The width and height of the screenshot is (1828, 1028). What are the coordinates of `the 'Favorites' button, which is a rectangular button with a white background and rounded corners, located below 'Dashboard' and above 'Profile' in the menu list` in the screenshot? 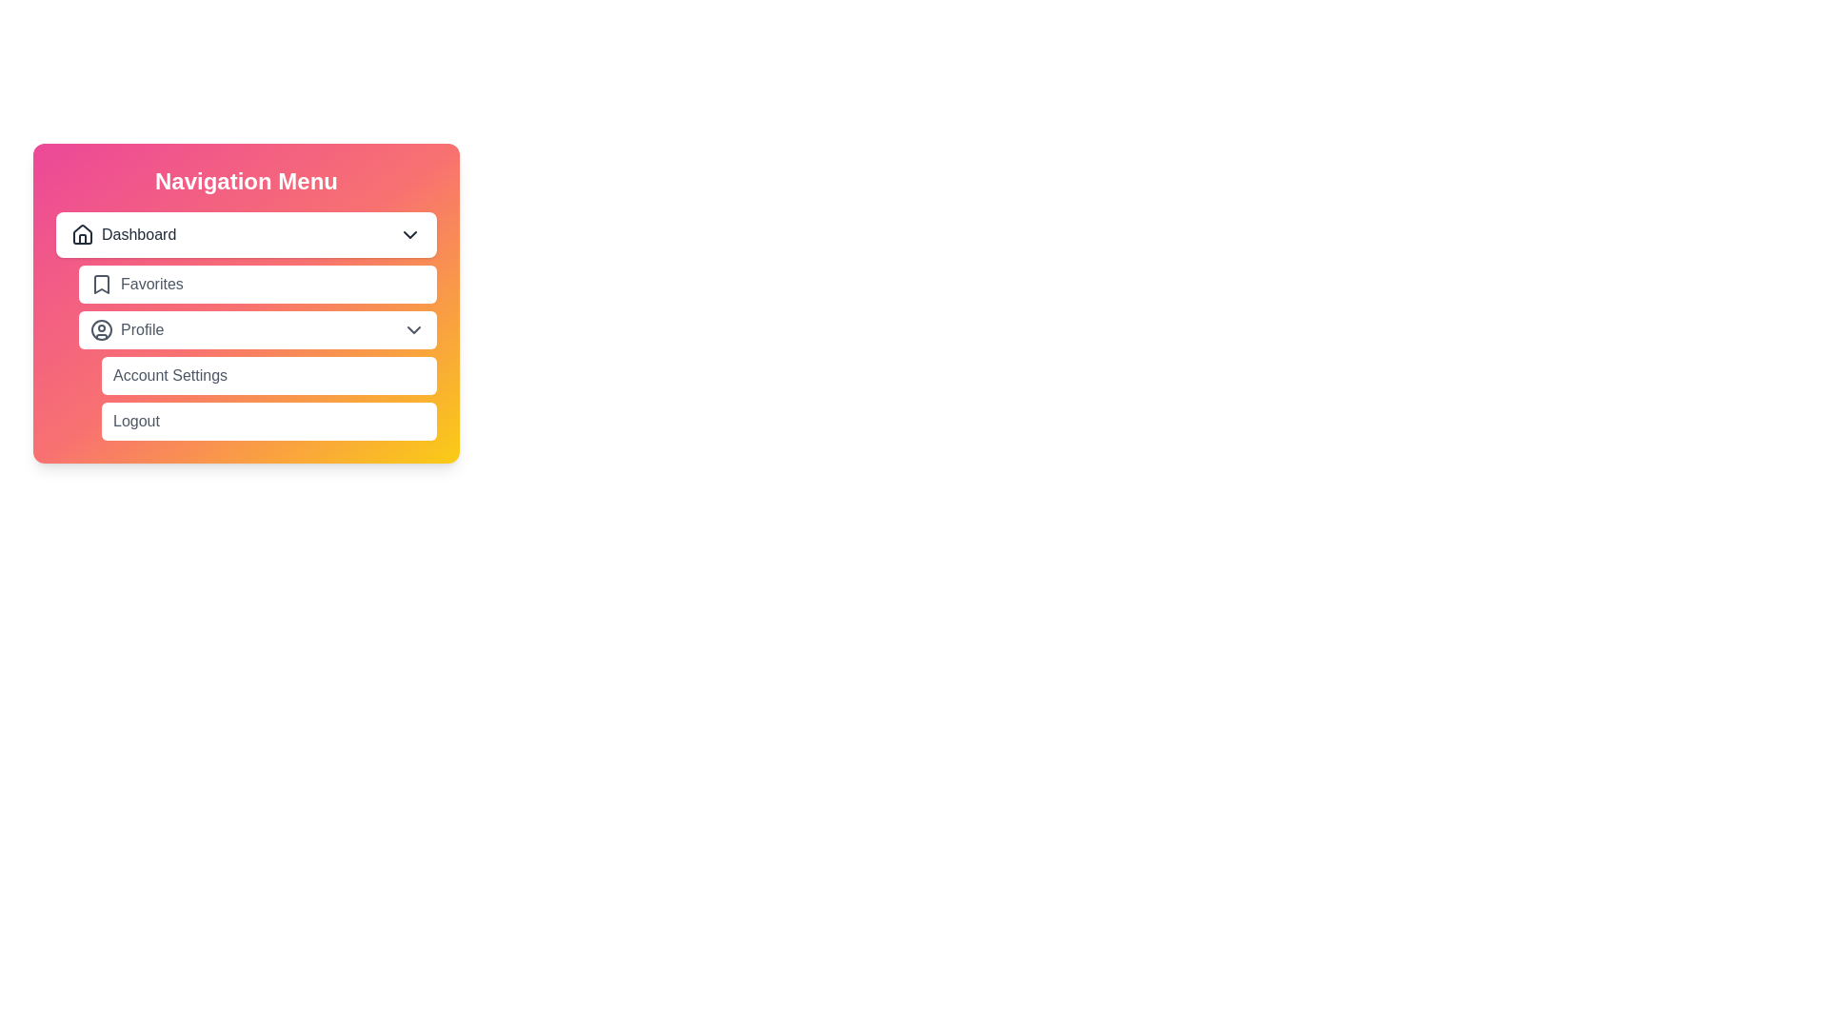 It's located at (256, 285).